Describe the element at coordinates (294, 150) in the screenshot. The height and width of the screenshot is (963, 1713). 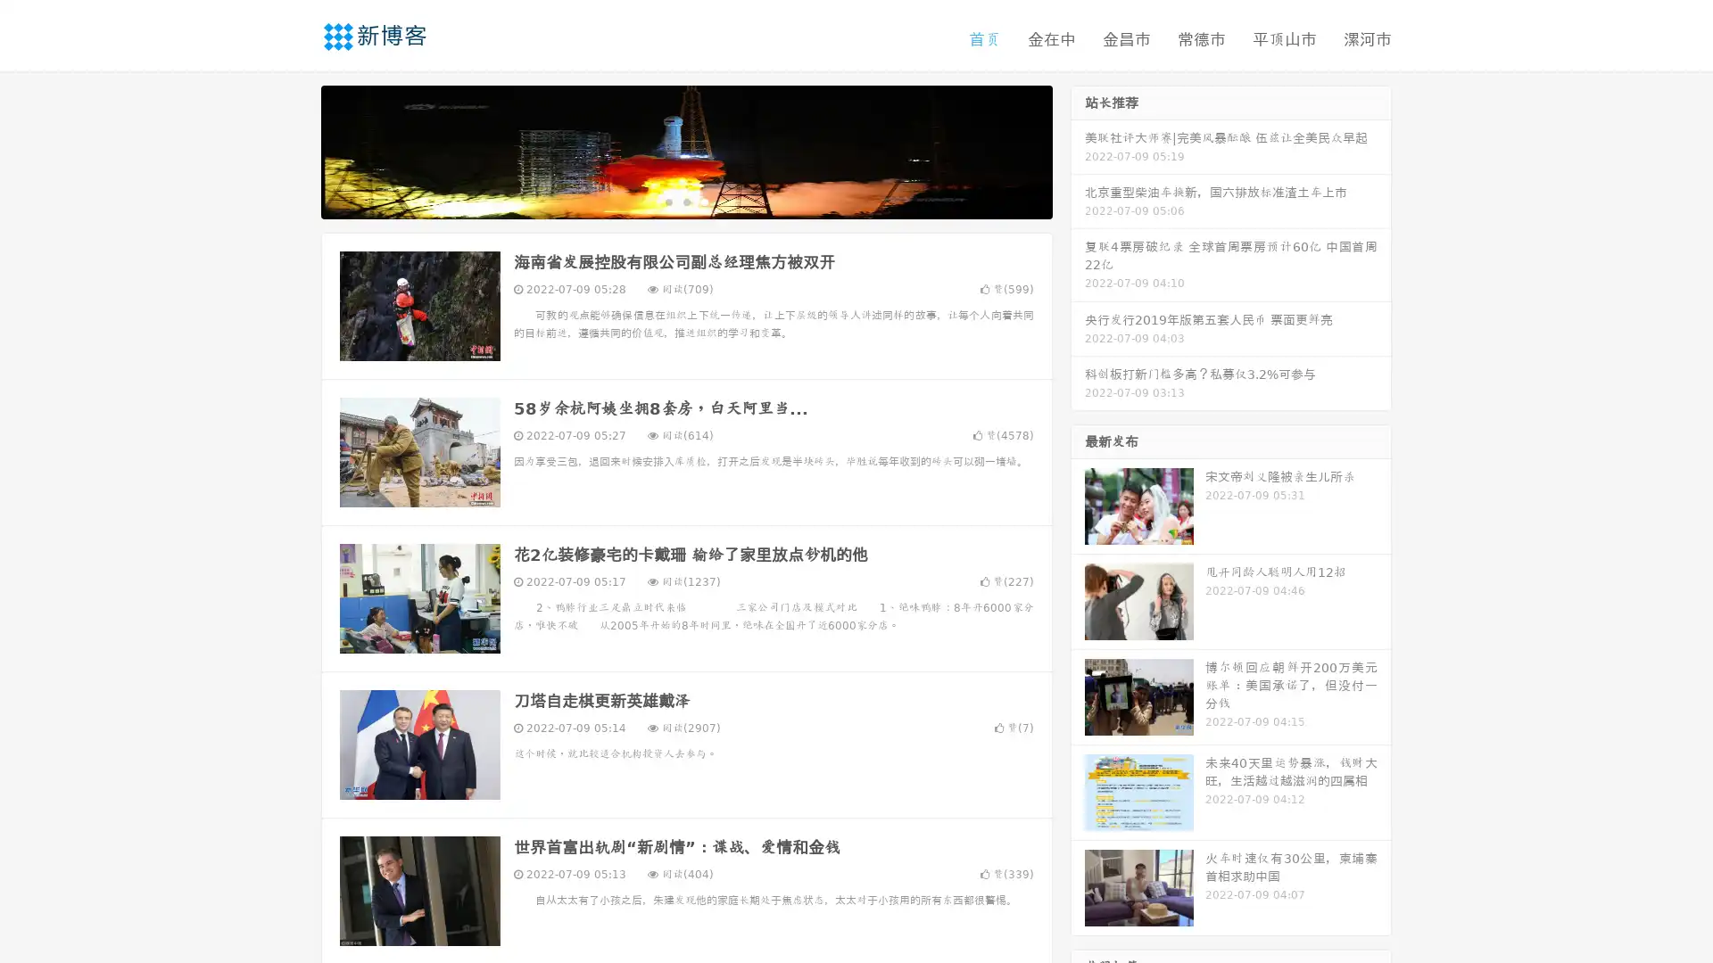
I see `Previous slide` at that location.